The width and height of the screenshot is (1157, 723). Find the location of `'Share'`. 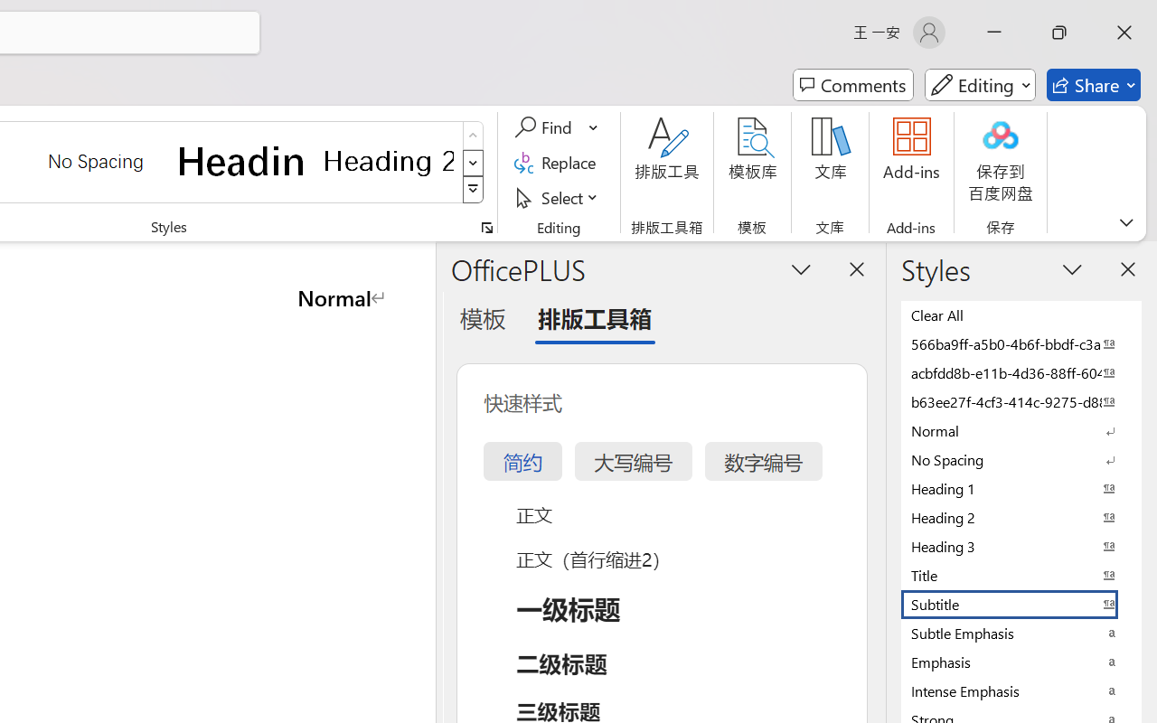

'Share' is located at coordinates (1093, 85).